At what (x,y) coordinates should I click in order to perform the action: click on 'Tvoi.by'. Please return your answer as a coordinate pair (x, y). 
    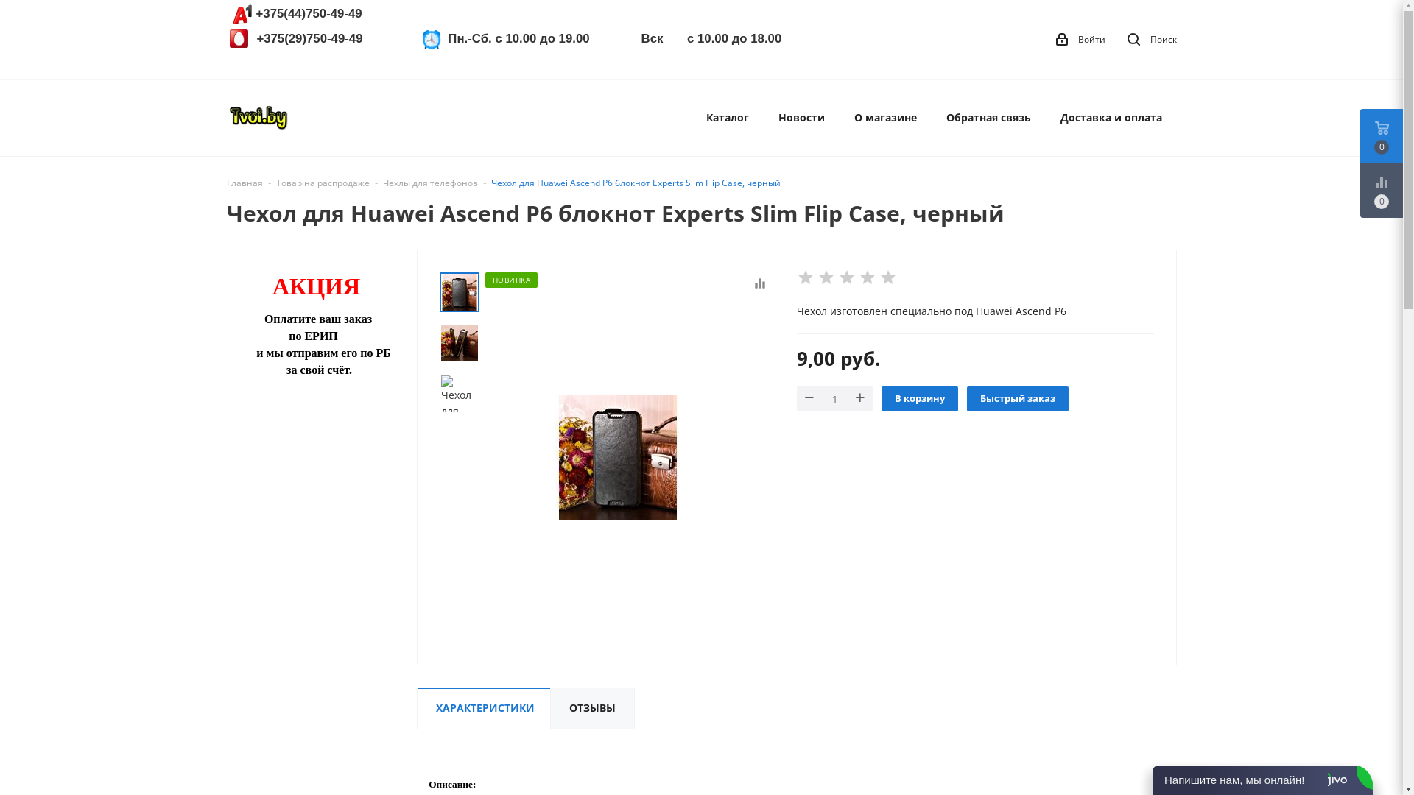
    Looking at the image, I should click on (225, 116).